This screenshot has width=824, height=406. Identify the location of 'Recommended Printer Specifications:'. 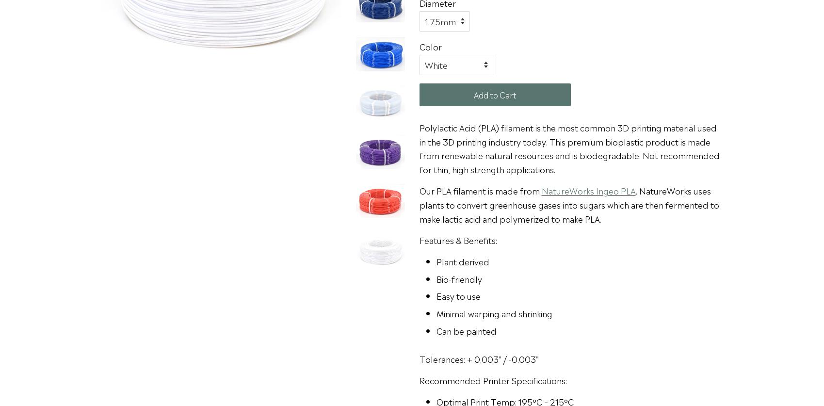
(493, 379).